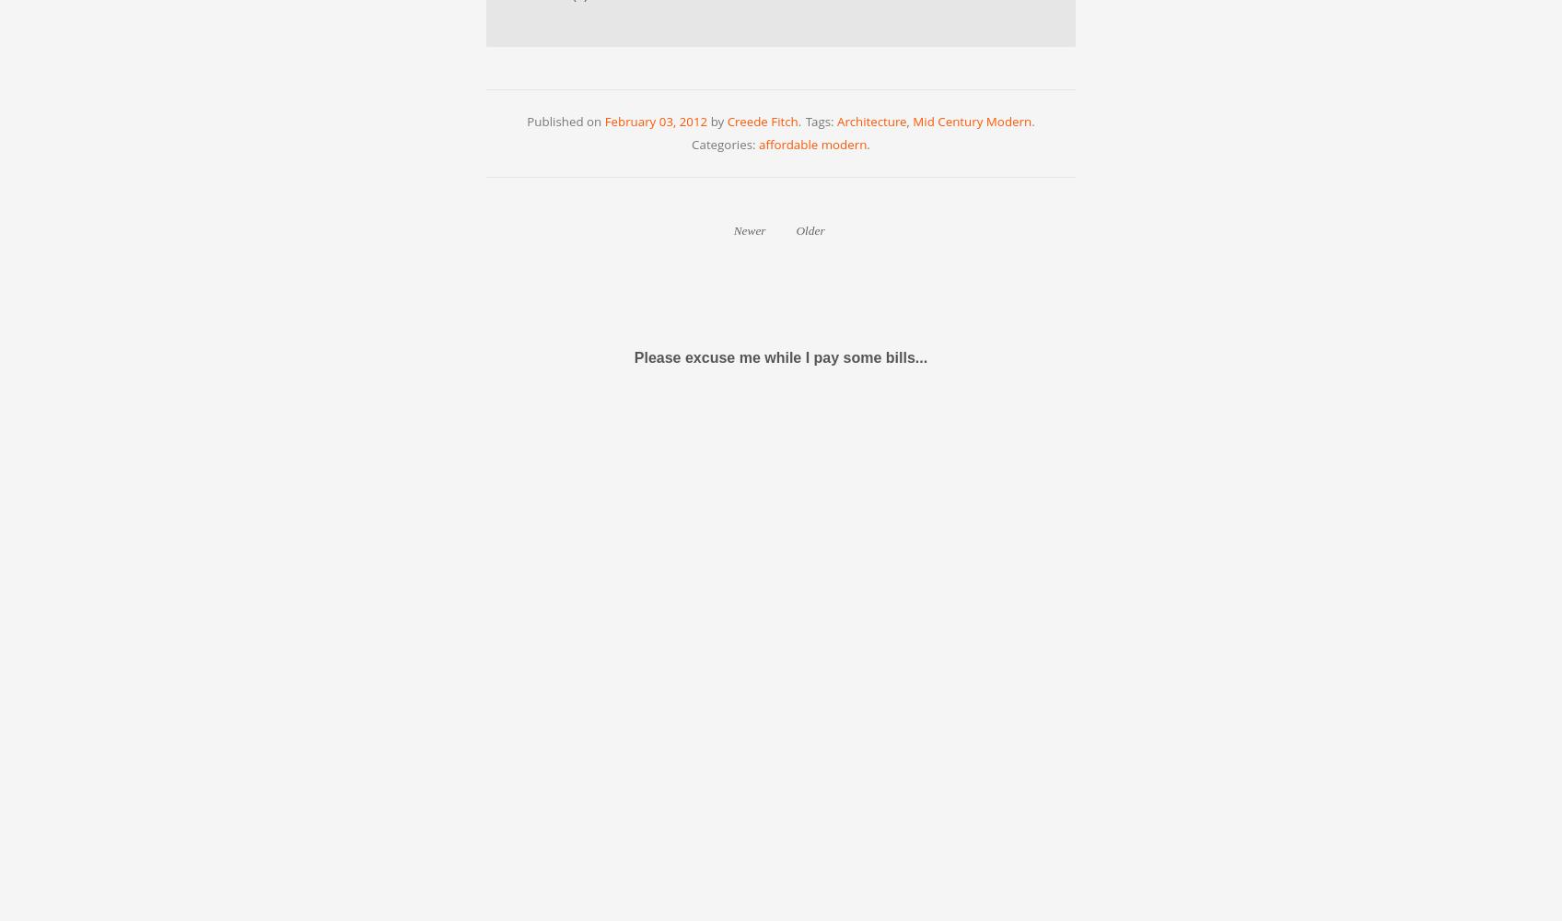  Describe the element at coordinates (724, 145) in the screenshot. I see `'Categories:'` at that location.